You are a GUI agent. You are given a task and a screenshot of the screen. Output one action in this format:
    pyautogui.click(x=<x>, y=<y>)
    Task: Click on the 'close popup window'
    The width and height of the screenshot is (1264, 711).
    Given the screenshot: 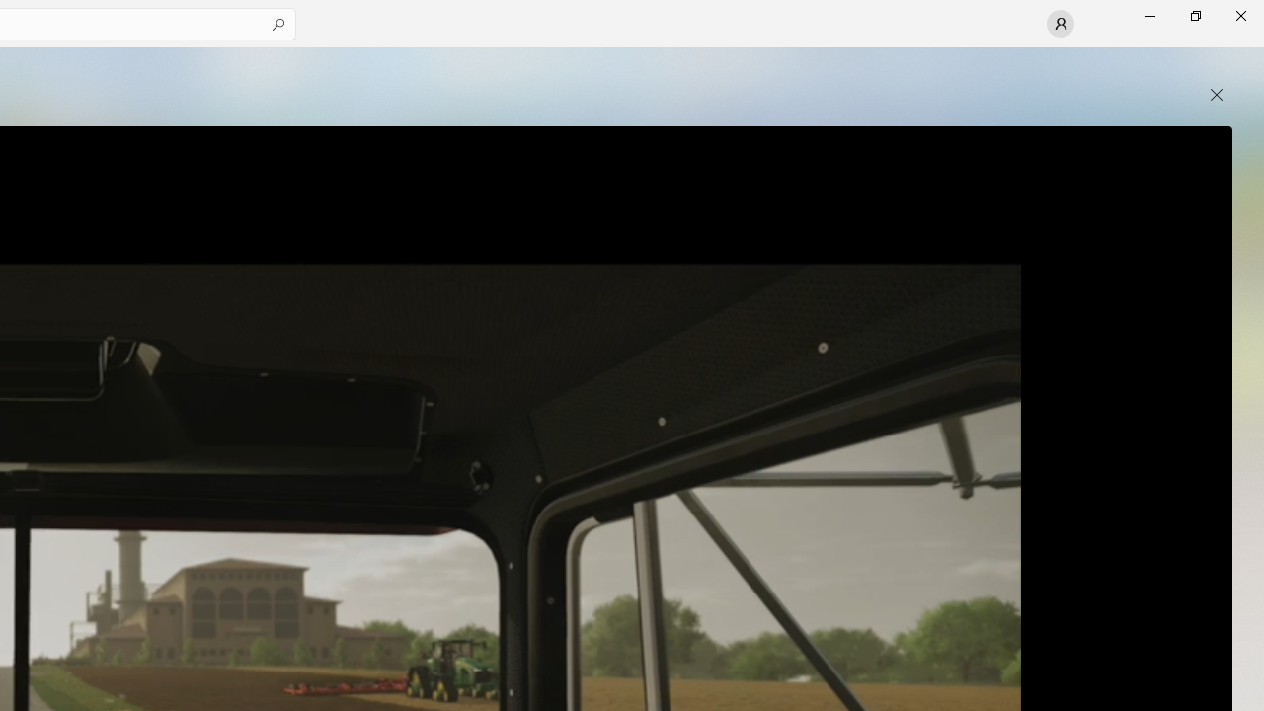 What is the action you would take?
    pyautogui.click(x=1216, y=95)
    